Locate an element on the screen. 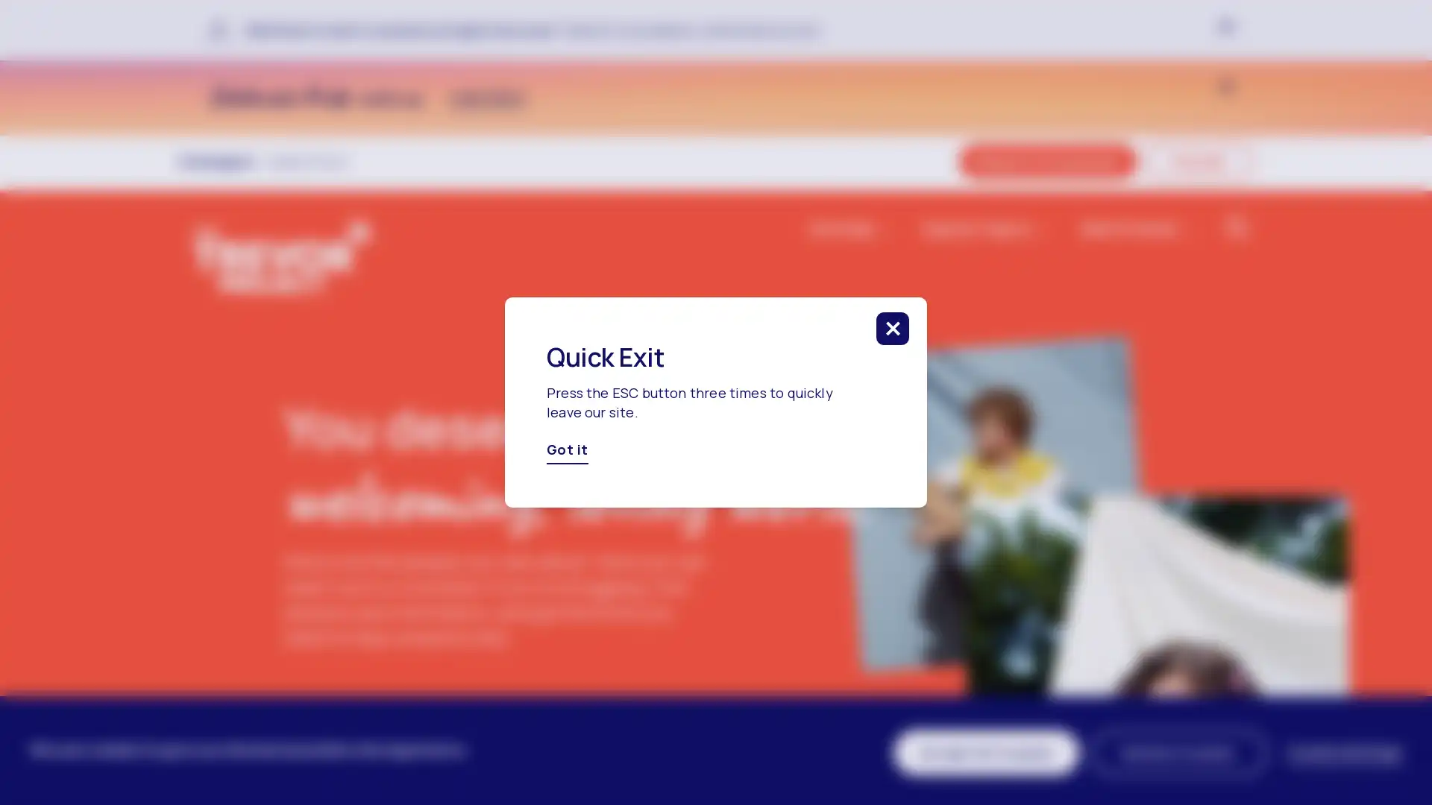  Accept All Cookies is located at coordinates (985, 753).